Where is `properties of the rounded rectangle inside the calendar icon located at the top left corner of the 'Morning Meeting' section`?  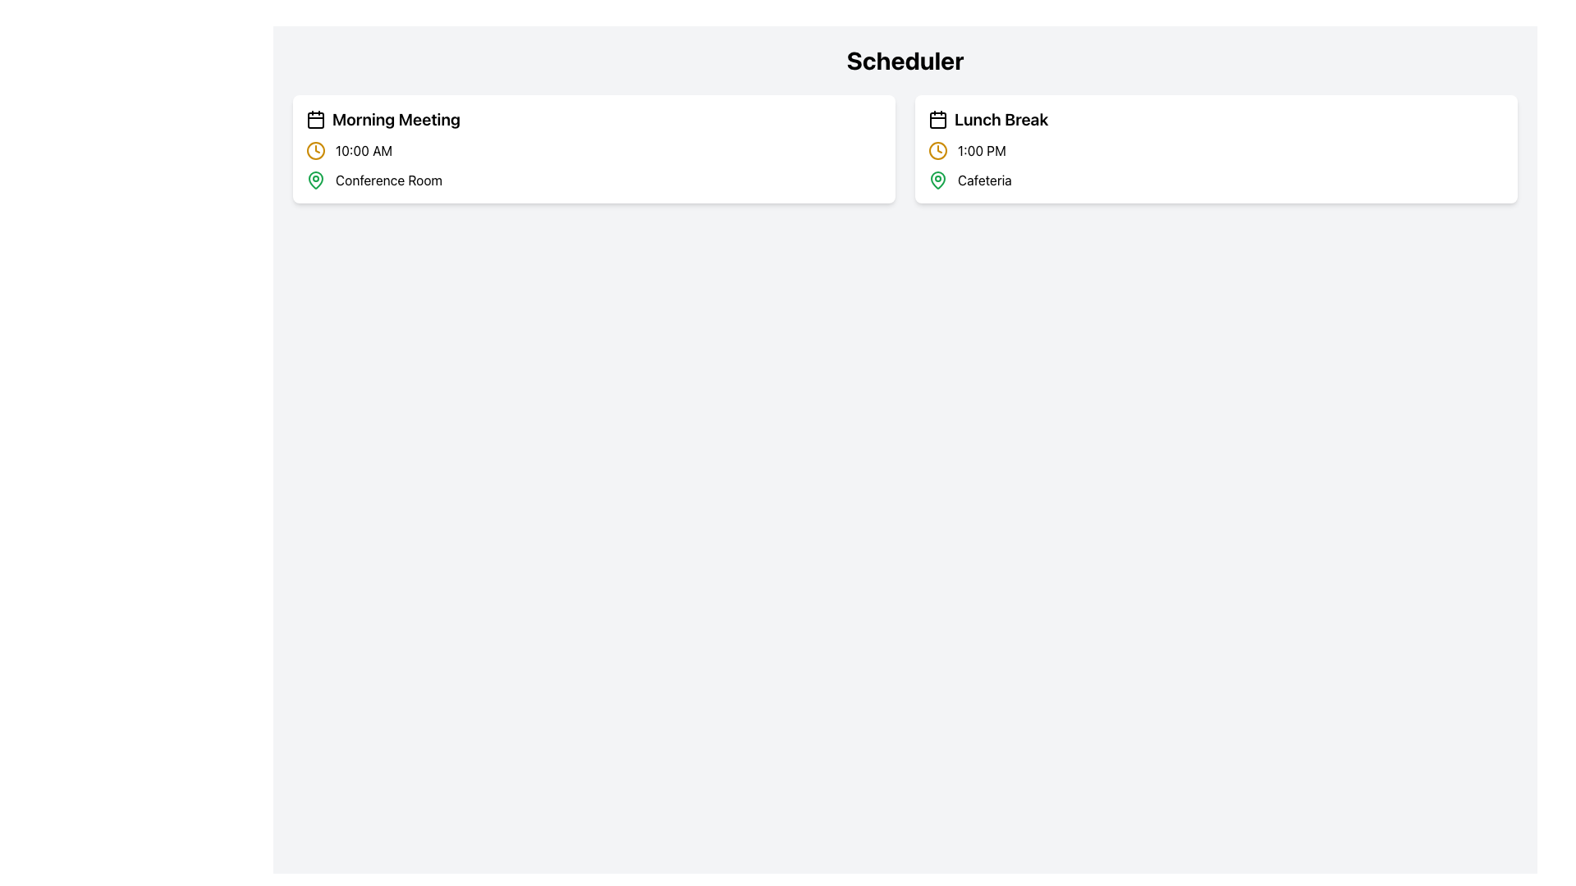 properties of the rounded rectangle inside the calendar icon located at the top left corner of the 'Morning Meeting' section is located at coordinates (315, 119).